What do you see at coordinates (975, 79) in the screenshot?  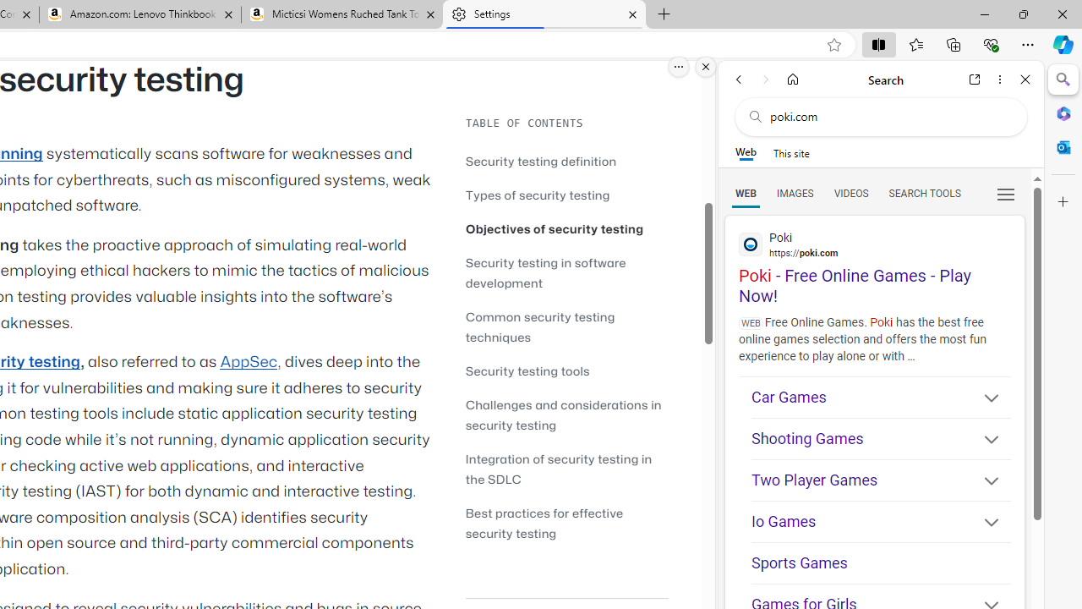 I see `'Open link in new tab'` at bounding box center [975, 79].